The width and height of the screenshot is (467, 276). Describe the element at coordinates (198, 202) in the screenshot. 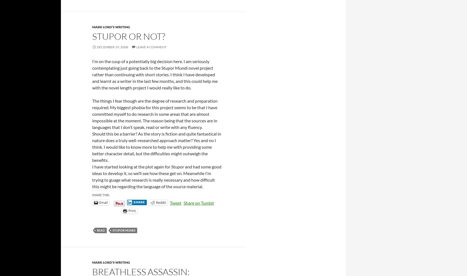

I see `'Share on Tumblr'` at that location.